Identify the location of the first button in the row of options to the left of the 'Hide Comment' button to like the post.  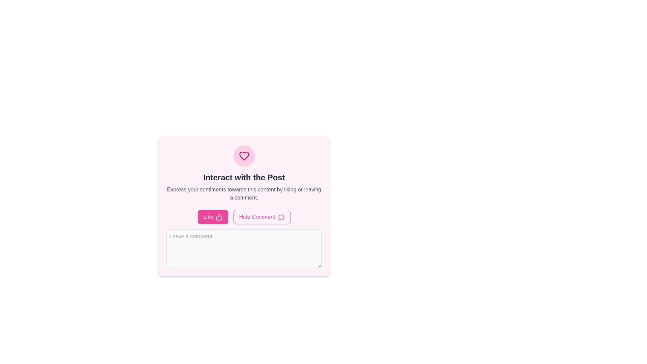
(213, 217).